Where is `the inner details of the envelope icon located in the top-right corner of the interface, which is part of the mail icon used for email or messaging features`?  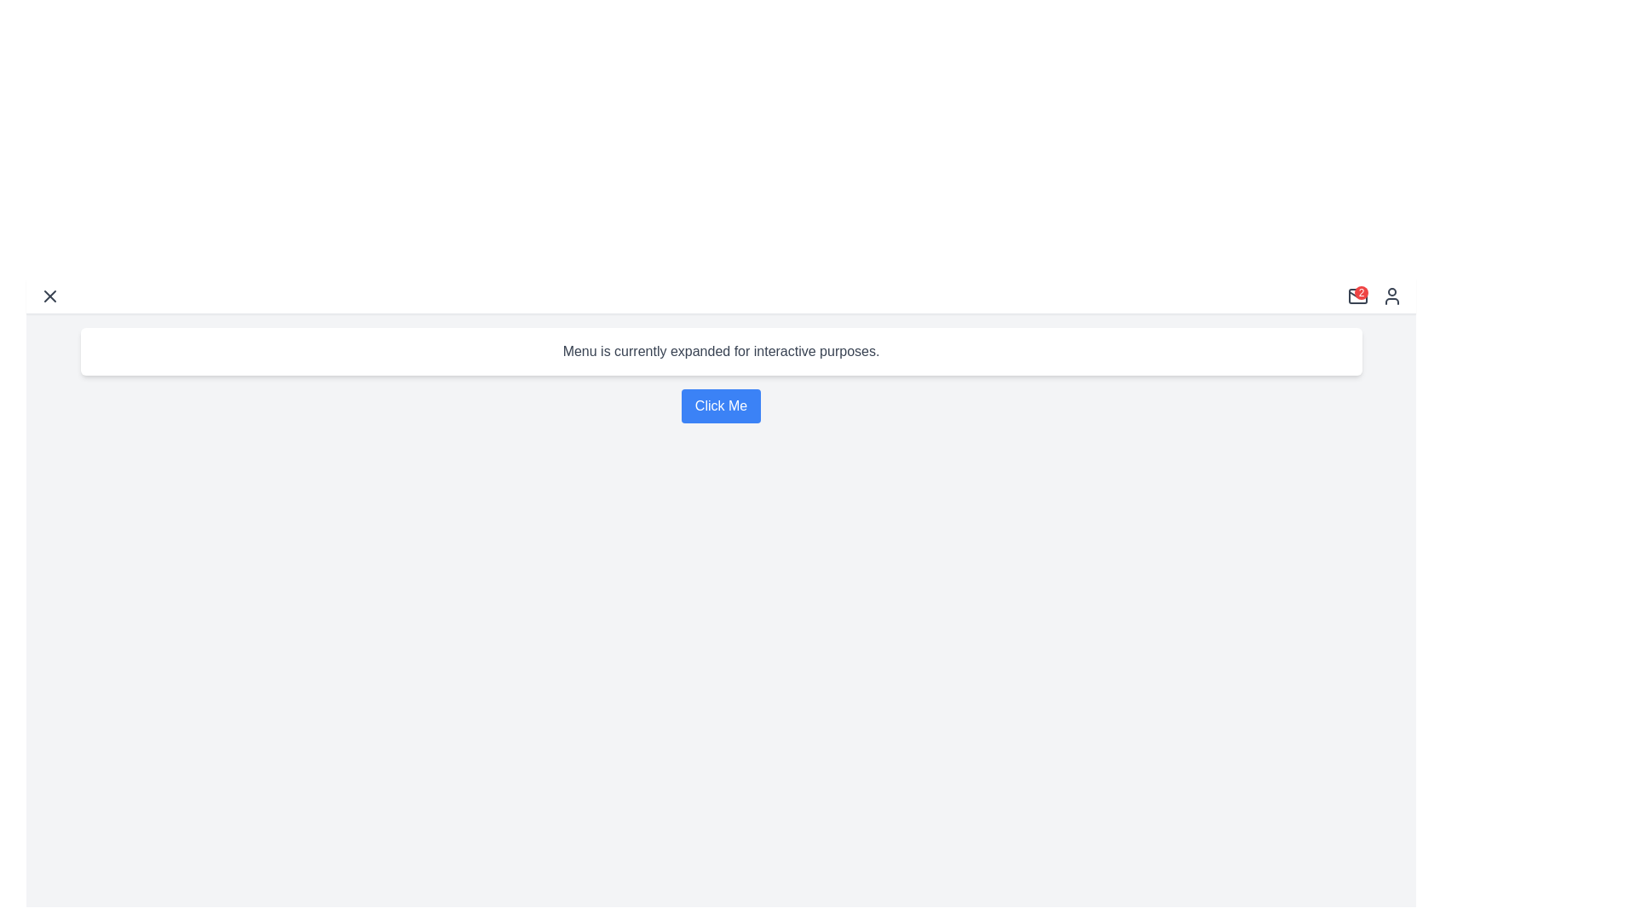
the inner details of the envelope icon located in the top-right corner of the interface, which is part of the mail icon used for email or messaging features is located at coordinates (1357, 292).